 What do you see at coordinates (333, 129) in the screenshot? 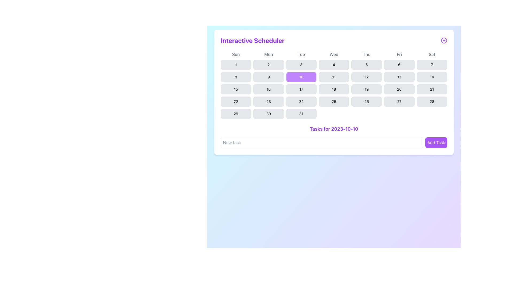
I see `the static text header indicating the tasks associated with the date '2023-10-10', located below the calendar and above the 'Add Task' button` at bounding box center [333, 129].